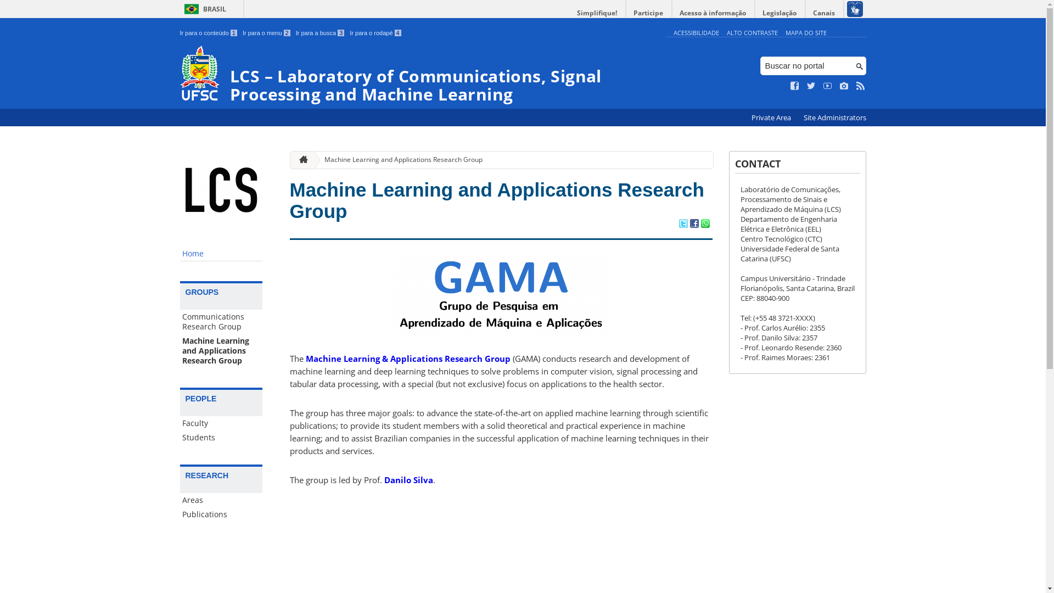  What do you see at coordinates (745, 118) in the screenshot?
I see `'Private Area'` at bounding box center [745, 118].